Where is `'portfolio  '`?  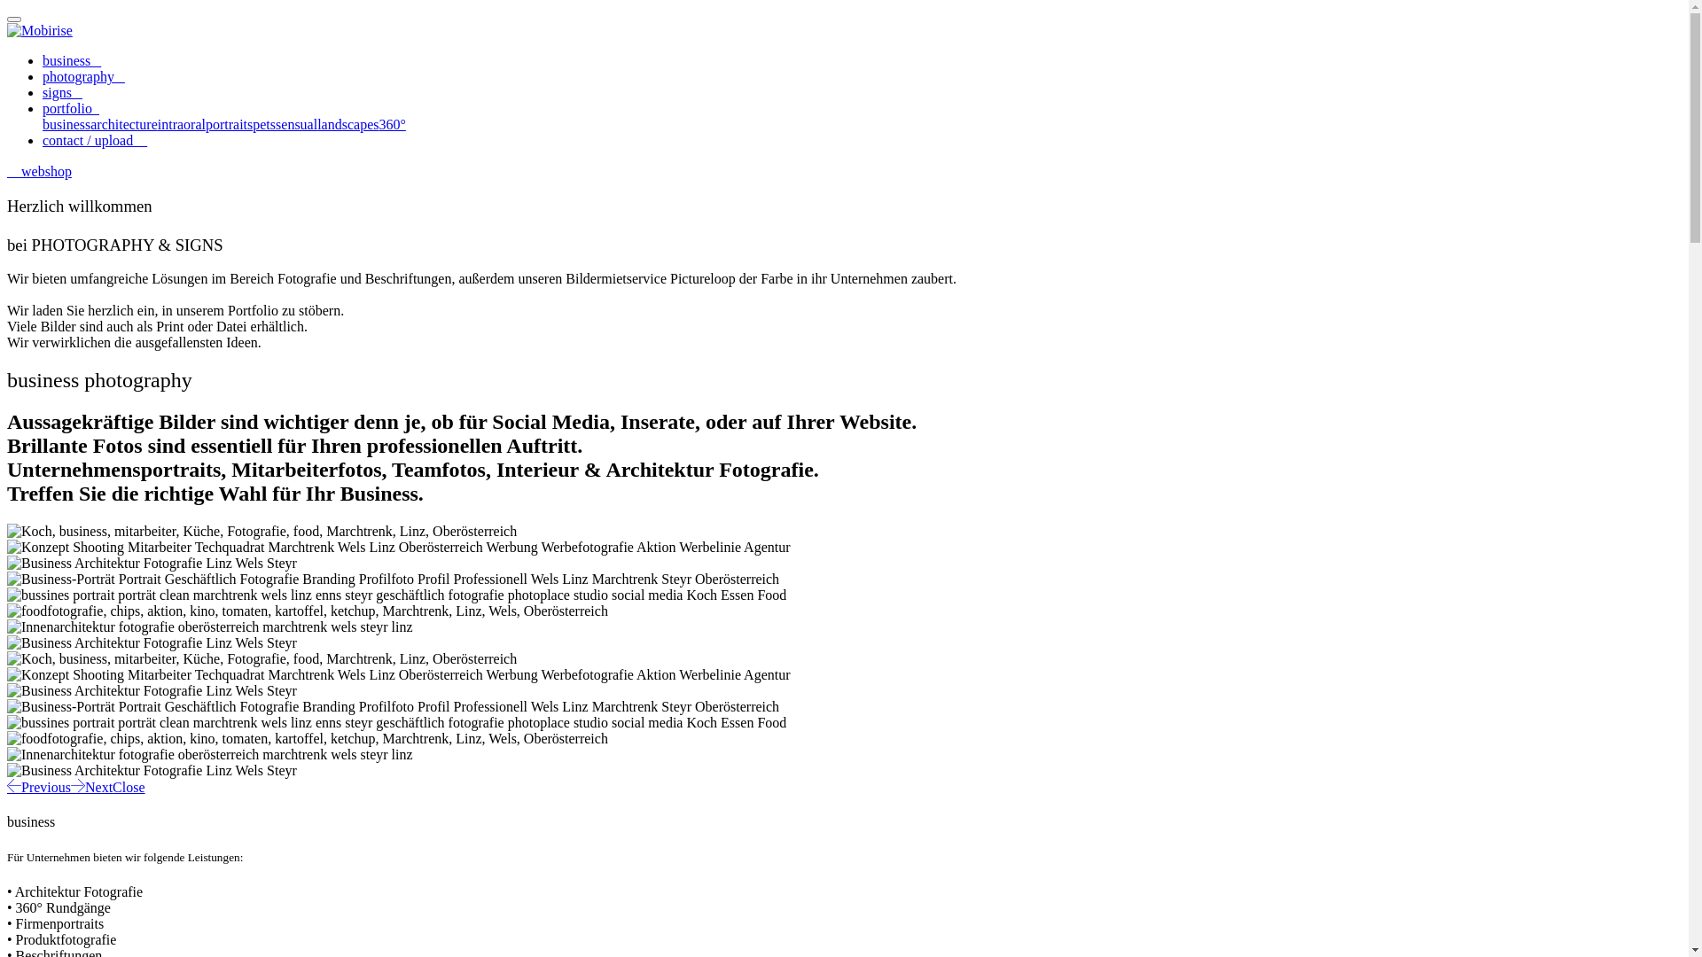
'portfolio  ' is located at coordinates (71, 108).